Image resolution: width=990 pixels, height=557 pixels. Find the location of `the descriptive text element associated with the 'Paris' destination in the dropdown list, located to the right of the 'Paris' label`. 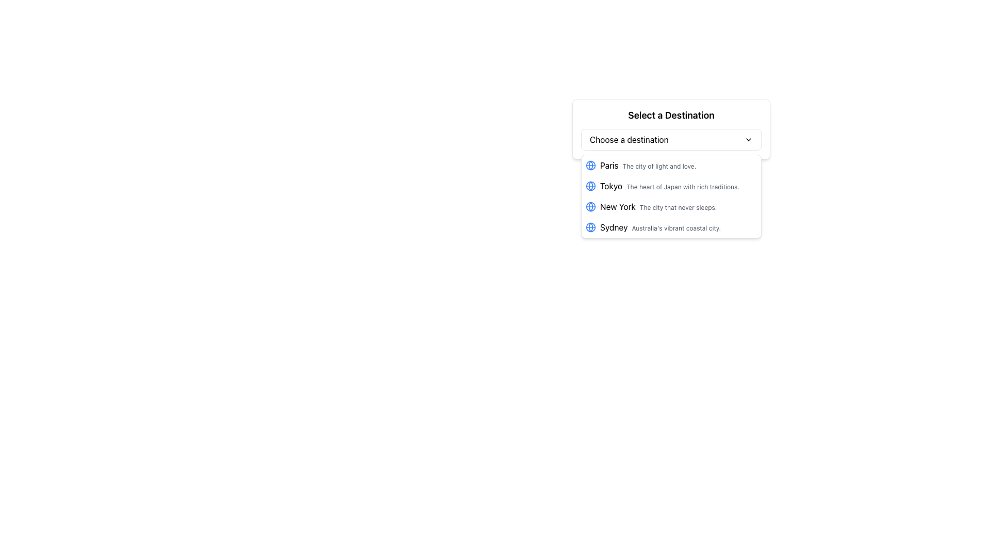

the descriptive text element associated with the 'Paris' destination in the dropdown list, located to the right of the 'Paris' label is located at coordinates (658, 166).